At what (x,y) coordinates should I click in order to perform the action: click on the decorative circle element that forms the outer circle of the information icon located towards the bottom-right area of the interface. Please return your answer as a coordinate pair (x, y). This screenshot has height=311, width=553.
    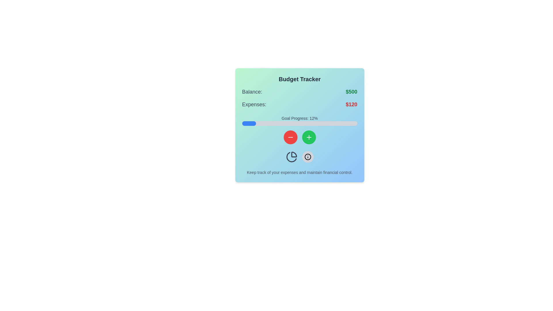
    Looking at the image, I should click on (307, 157).